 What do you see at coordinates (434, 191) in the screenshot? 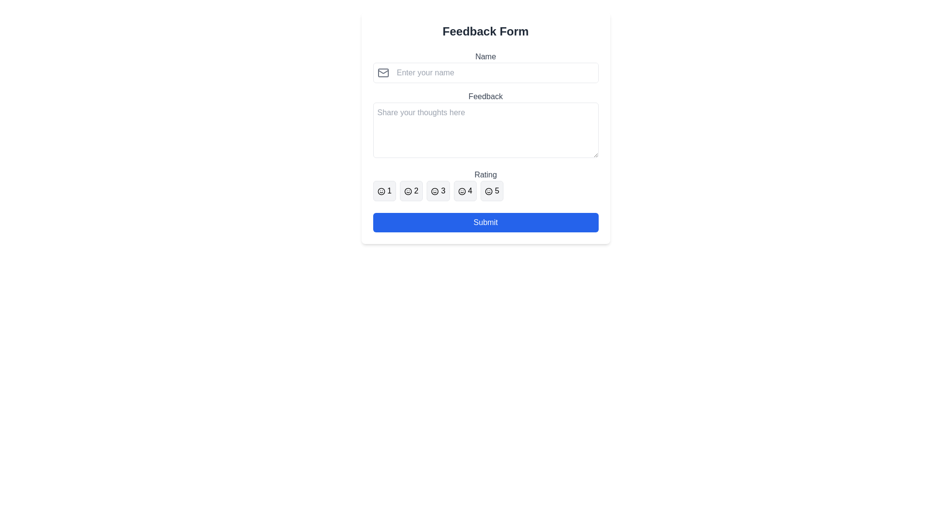
I see `the rating icon for the value '3', which is the third button in a series of five rating options` at bounding box center [434, 191].